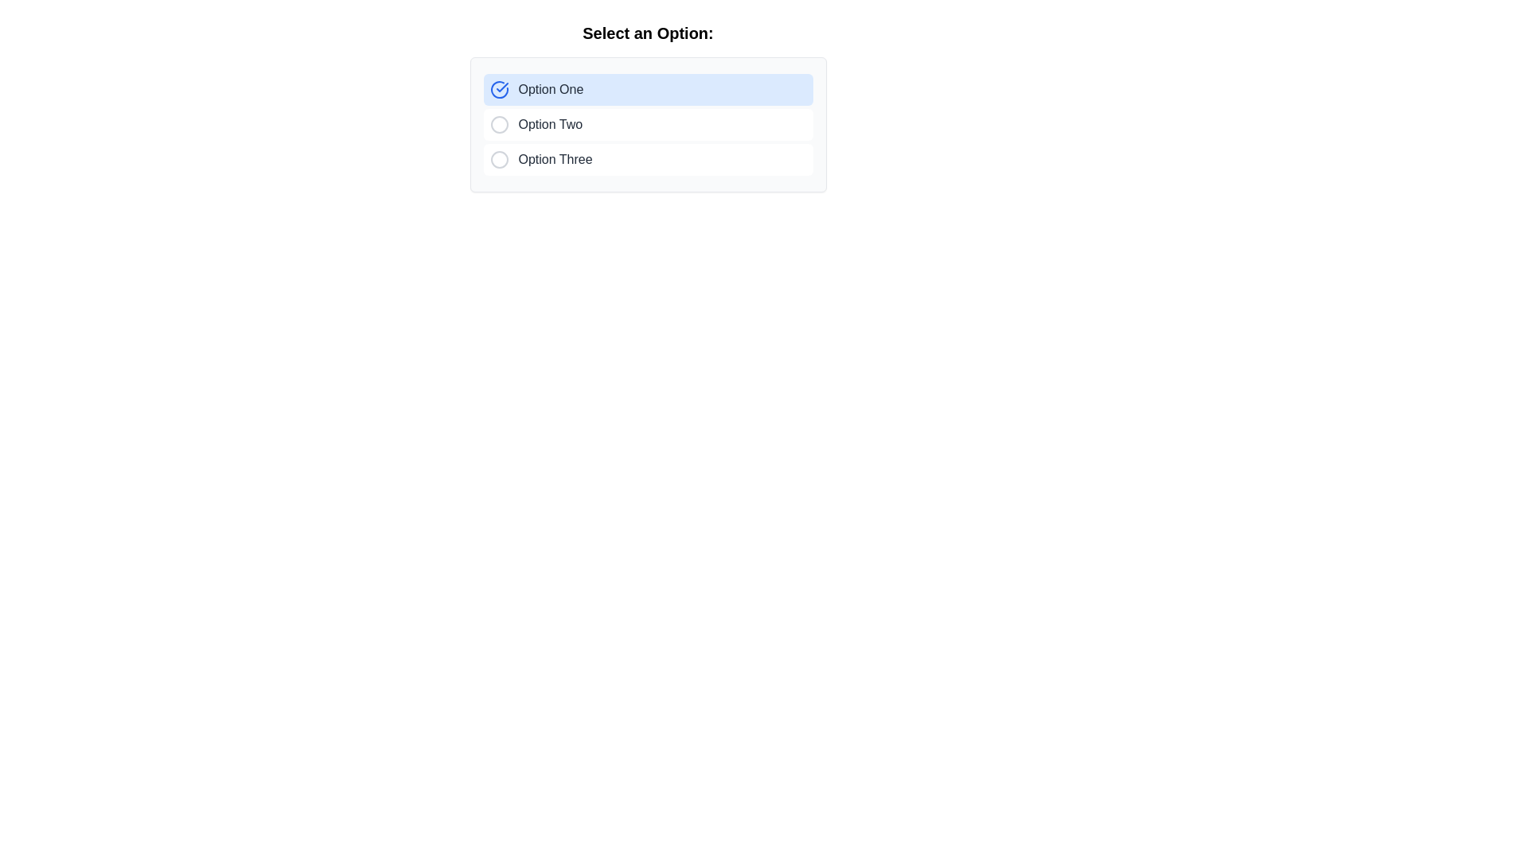  I want to click on the first selectable list item labeled 'Option One', so click(648, 107).